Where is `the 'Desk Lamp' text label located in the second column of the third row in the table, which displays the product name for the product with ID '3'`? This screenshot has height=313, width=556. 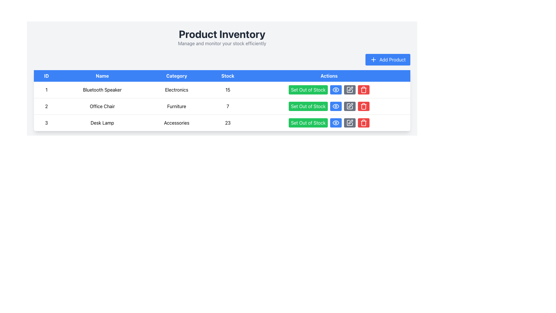
the 'Desk Lamp' text label located in the second column of the third row in the table, which displays the product name for the product with ID '3' is located at coordinates (102, 123).